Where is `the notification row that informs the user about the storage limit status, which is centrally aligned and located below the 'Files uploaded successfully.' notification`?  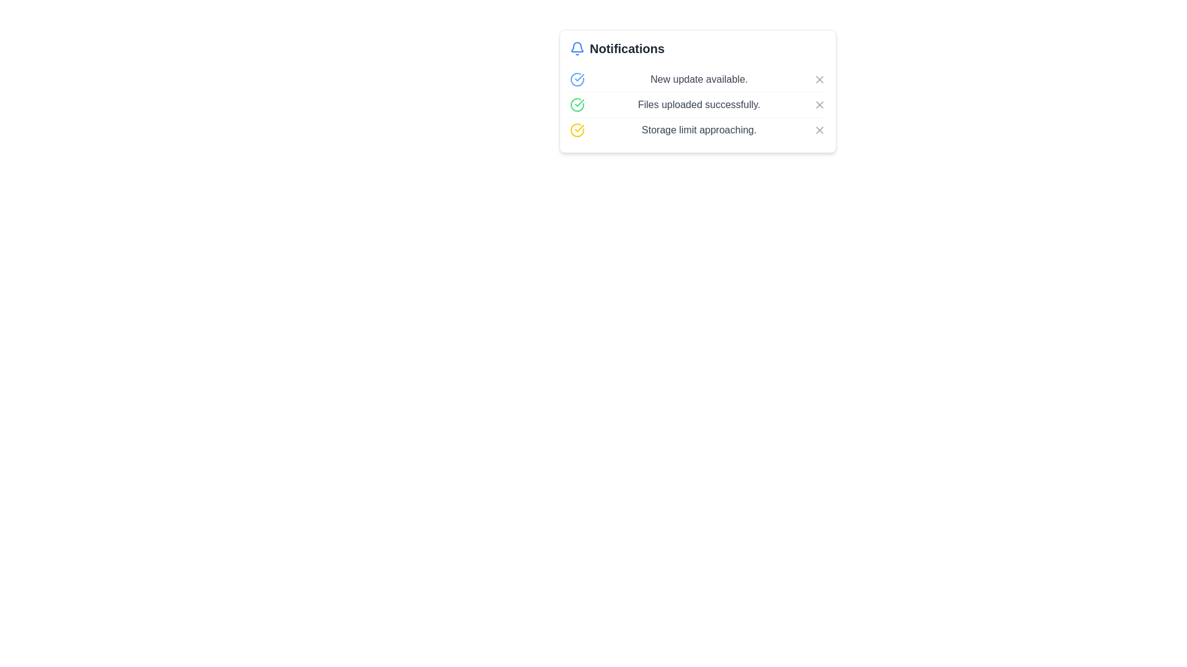 the notification row that informs the user about the storage limit status, which is centrally aligned and located below the 'Files uploaded successfully.' notification is located at coordinates (697, 130).